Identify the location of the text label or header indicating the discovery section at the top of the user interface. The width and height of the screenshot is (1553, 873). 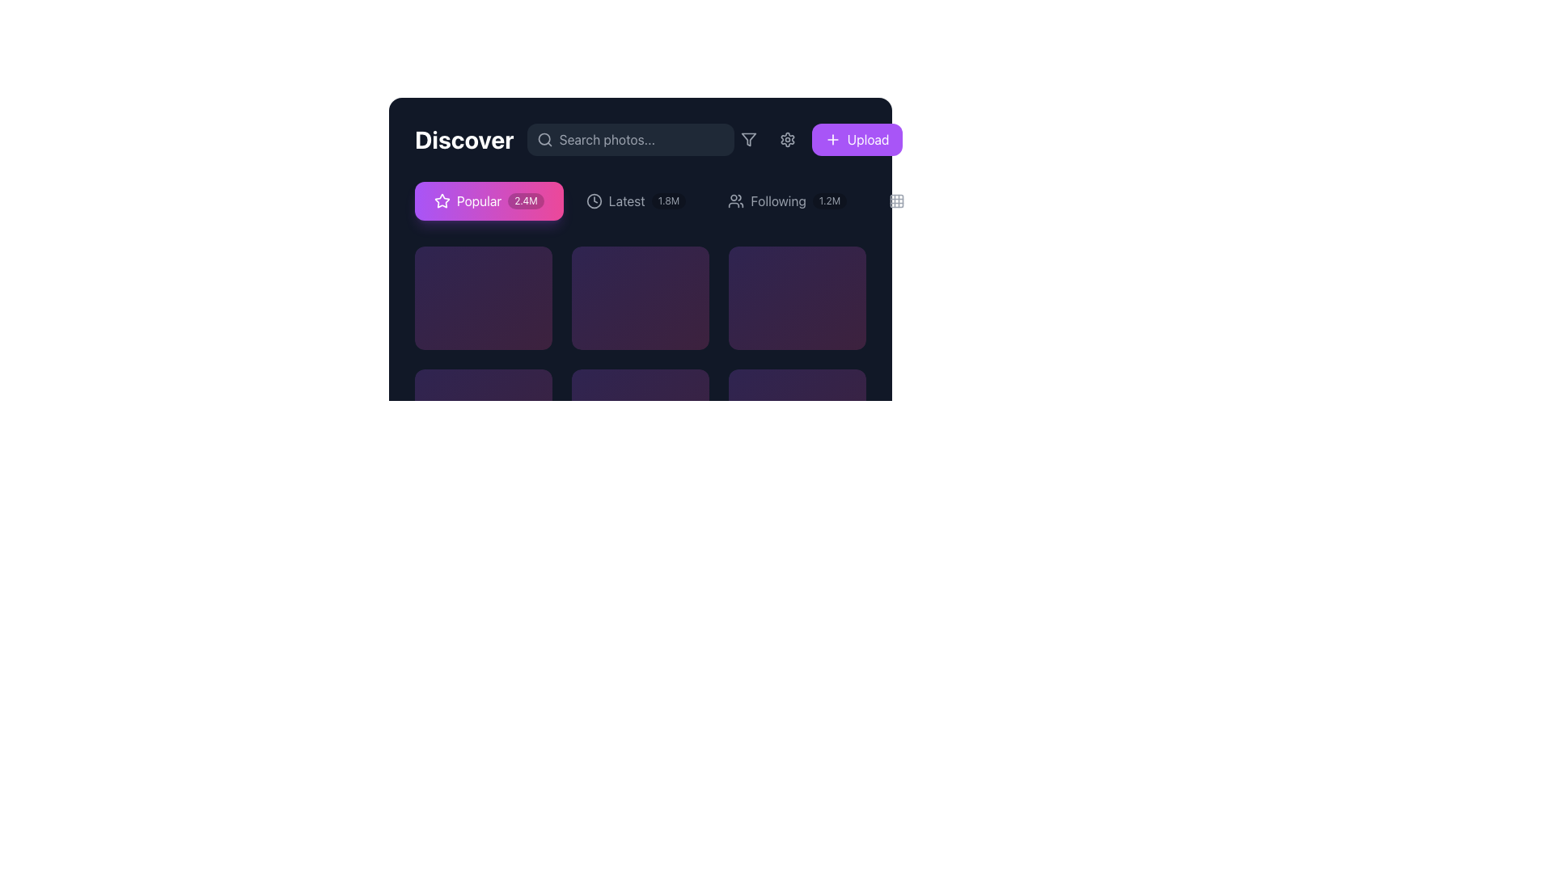
(463, 139).